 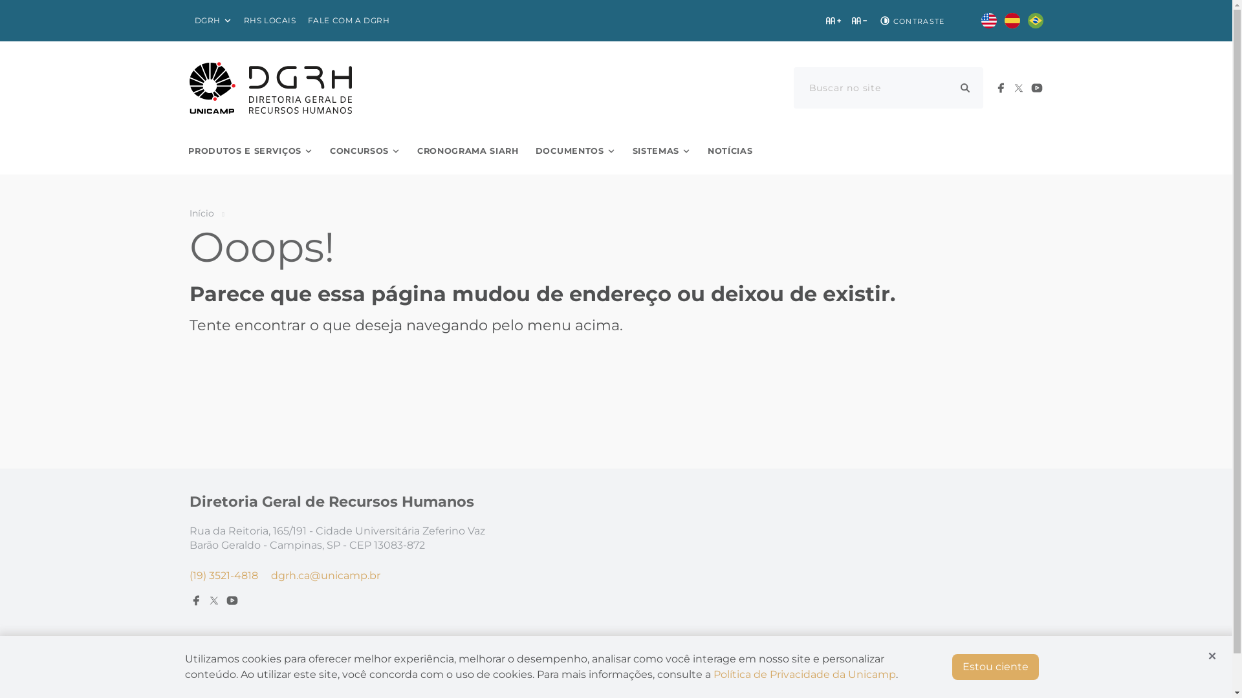 I want to click on 'dgrh.ca@unicamp.br', so click(x=325, y=575).